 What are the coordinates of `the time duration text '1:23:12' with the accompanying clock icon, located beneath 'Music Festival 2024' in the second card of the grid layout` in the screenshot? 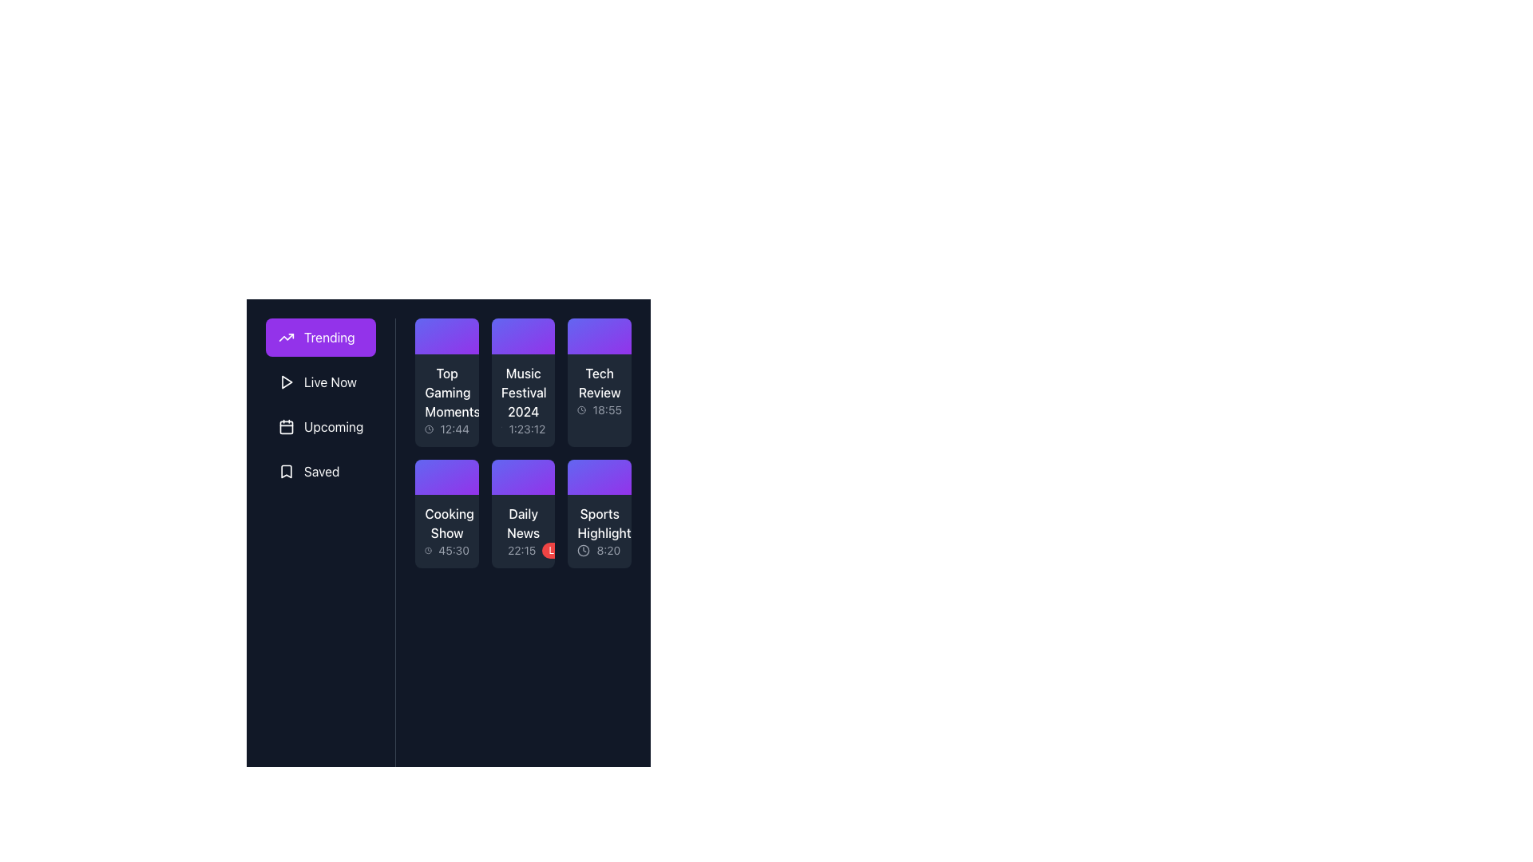 It's located at (523, 428).